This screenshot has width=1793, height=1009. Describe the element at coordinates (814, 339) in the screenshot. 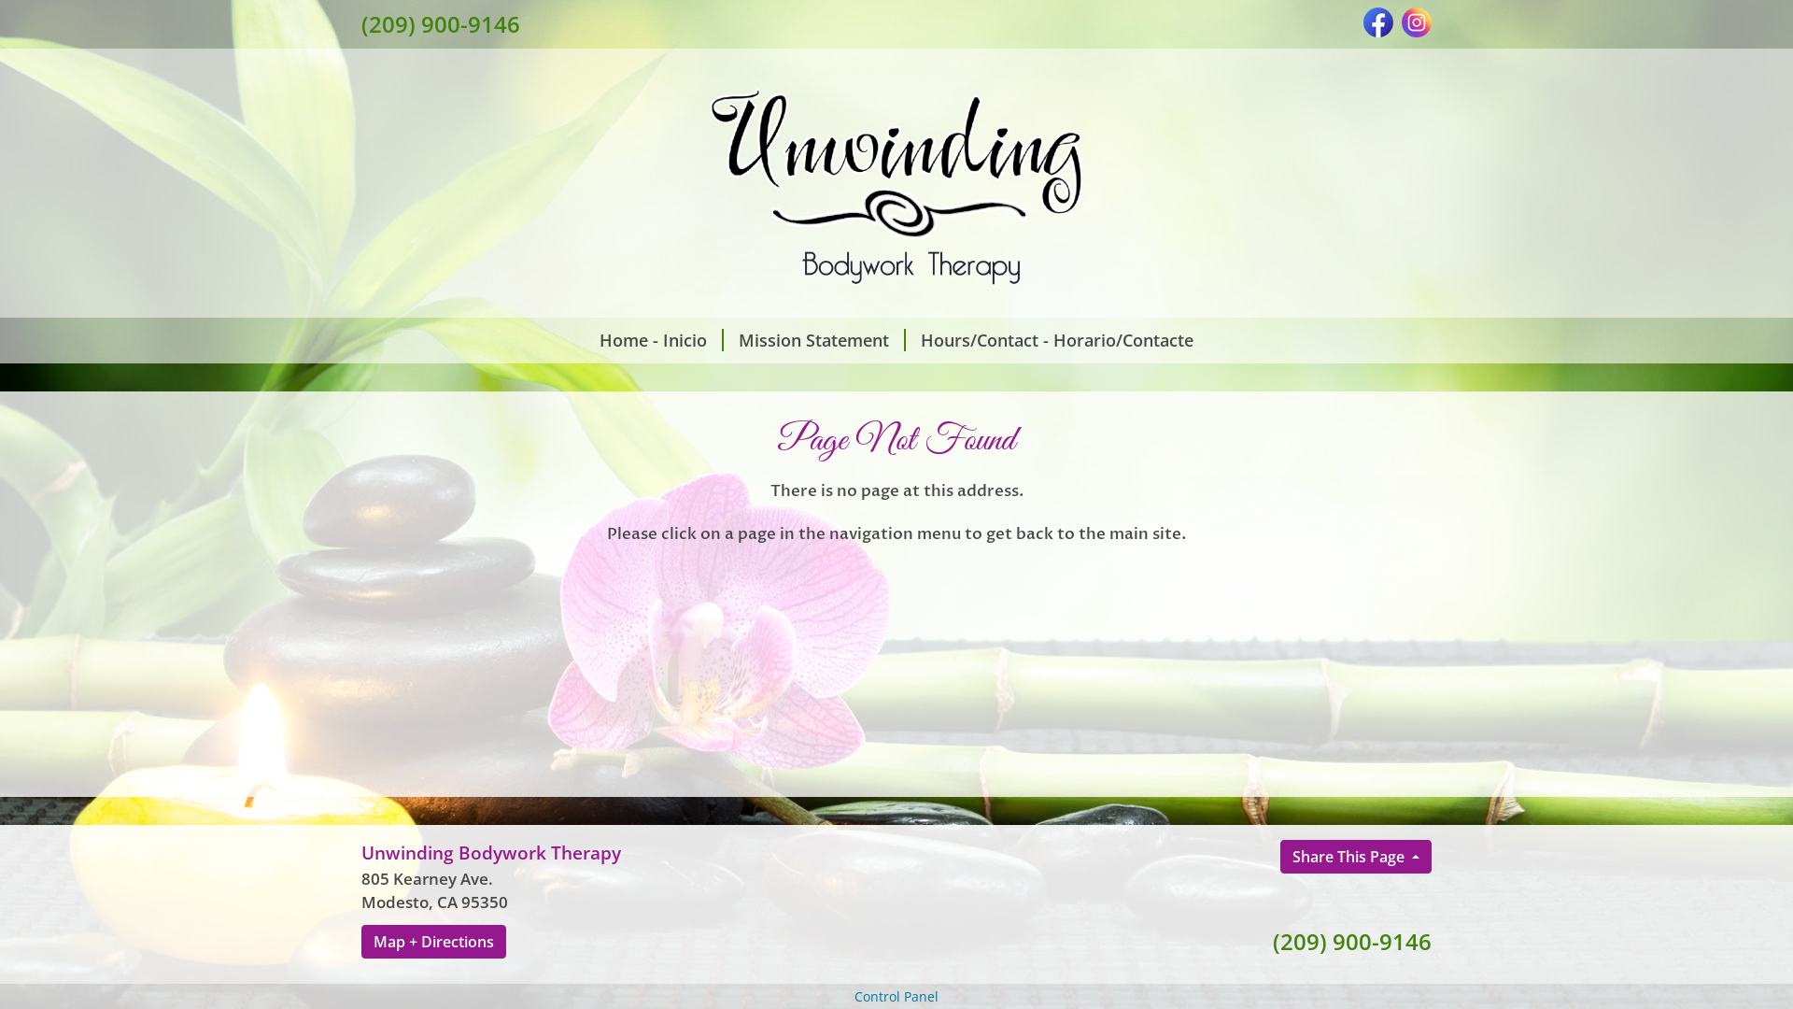

I see `'Mission Statement'` at that location.